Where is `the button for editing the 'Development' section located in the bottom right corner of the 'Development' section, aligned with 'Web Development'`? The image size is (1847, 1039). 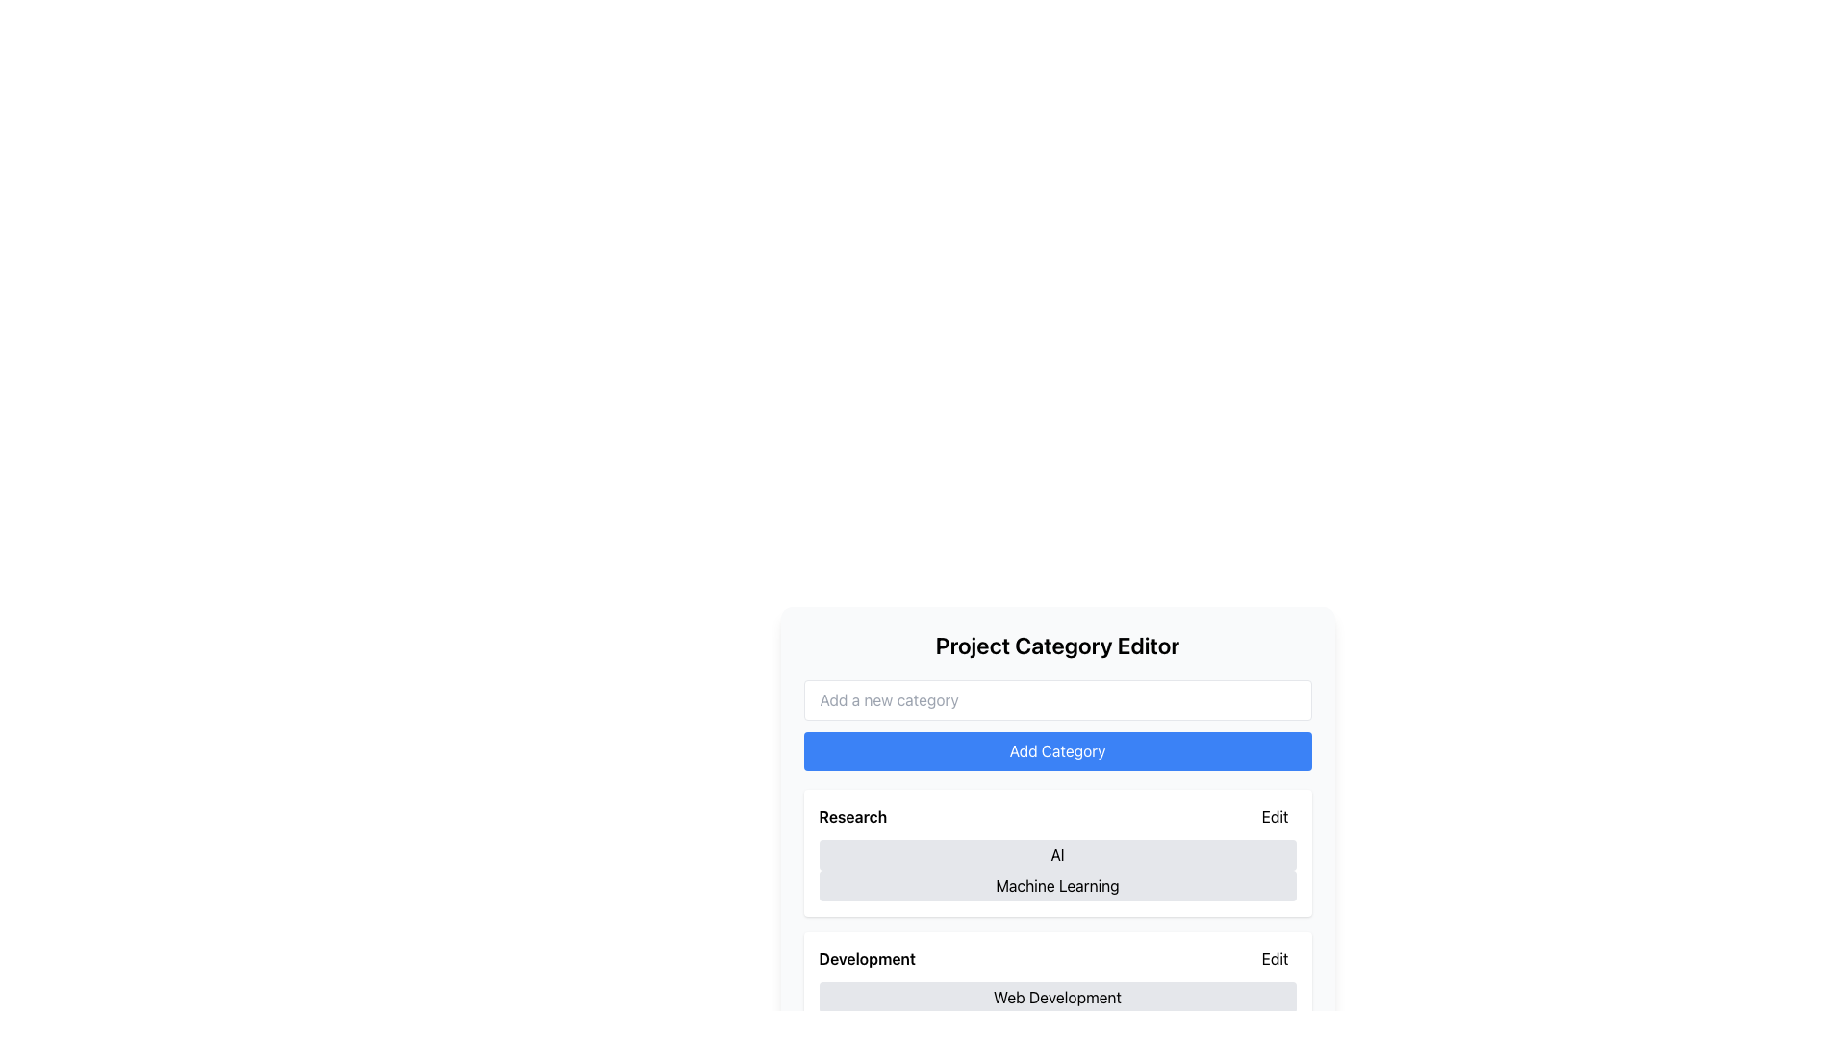 the button for editing the 'Development' section located in the bottom right corner of the 'Development' section, aligned with 'Web Development' is located at coordinates (1275, 958).